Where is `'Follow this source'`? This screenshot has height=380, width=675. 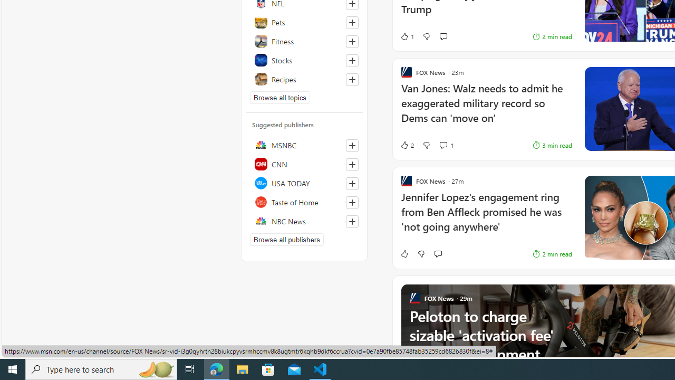 'Follow this source' is located at coordinates (352, 221).